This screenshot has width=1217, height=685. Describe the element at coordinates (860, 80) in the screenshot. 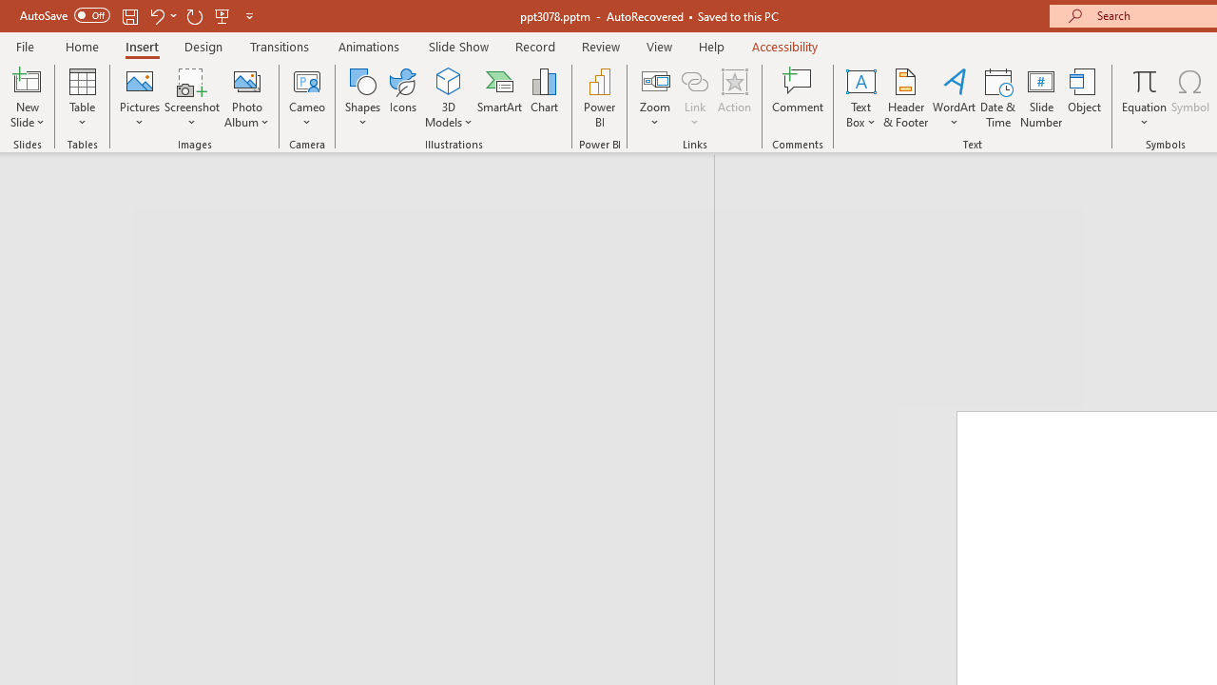

I see `'Draw Horizontal Text Box'` at that location.